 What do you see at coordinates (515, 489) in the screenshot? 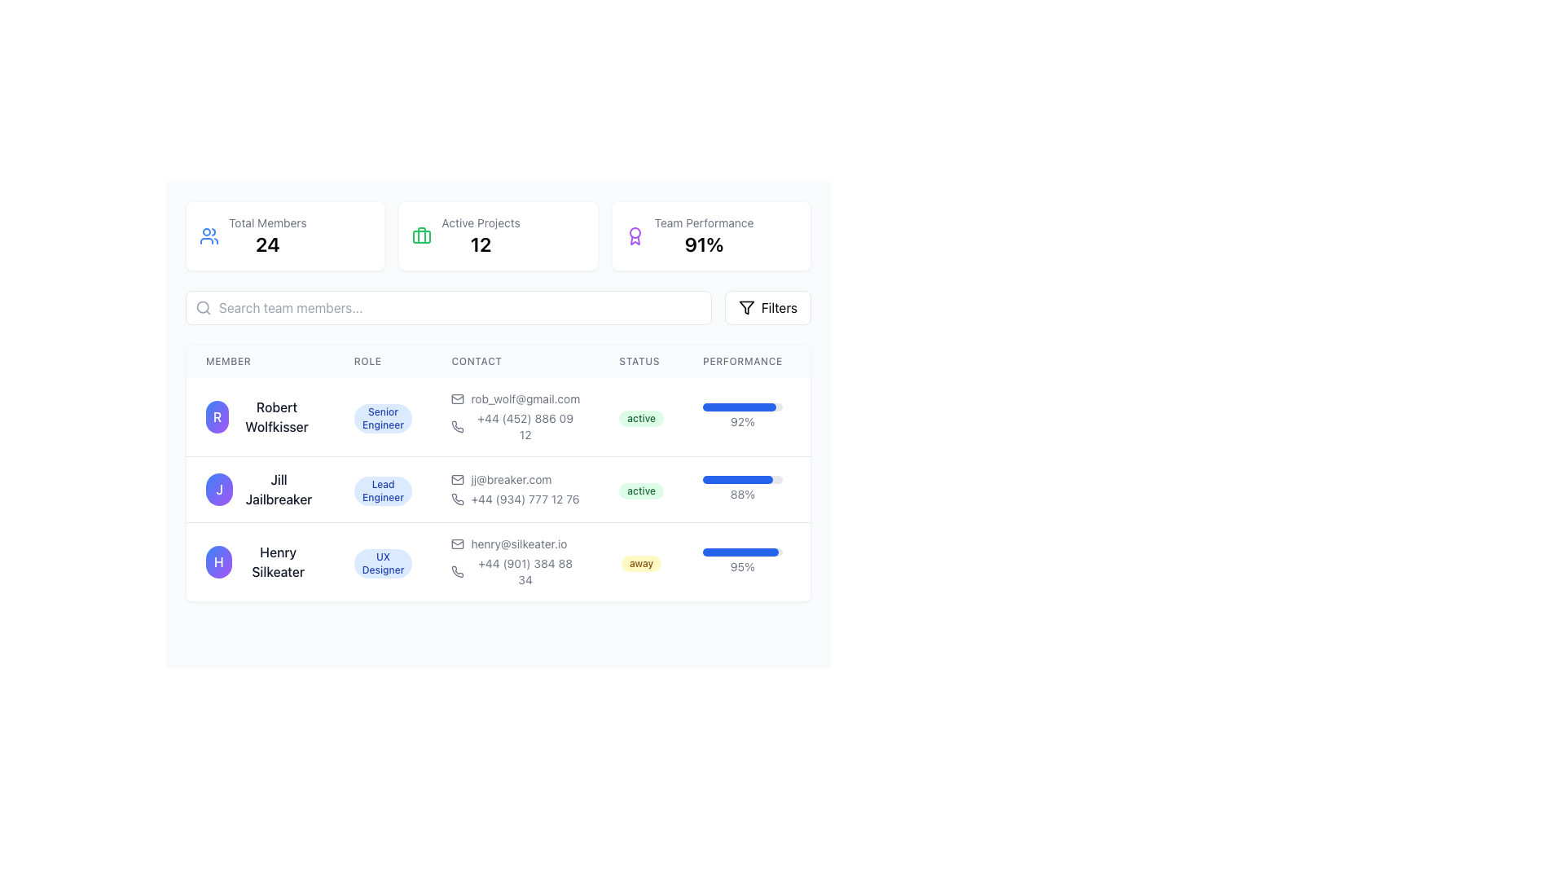
I see `the email text in the contact information display for Jill Jailbreaker, located in the 'Contact' column of the second row` at bounding box center [515, 489].